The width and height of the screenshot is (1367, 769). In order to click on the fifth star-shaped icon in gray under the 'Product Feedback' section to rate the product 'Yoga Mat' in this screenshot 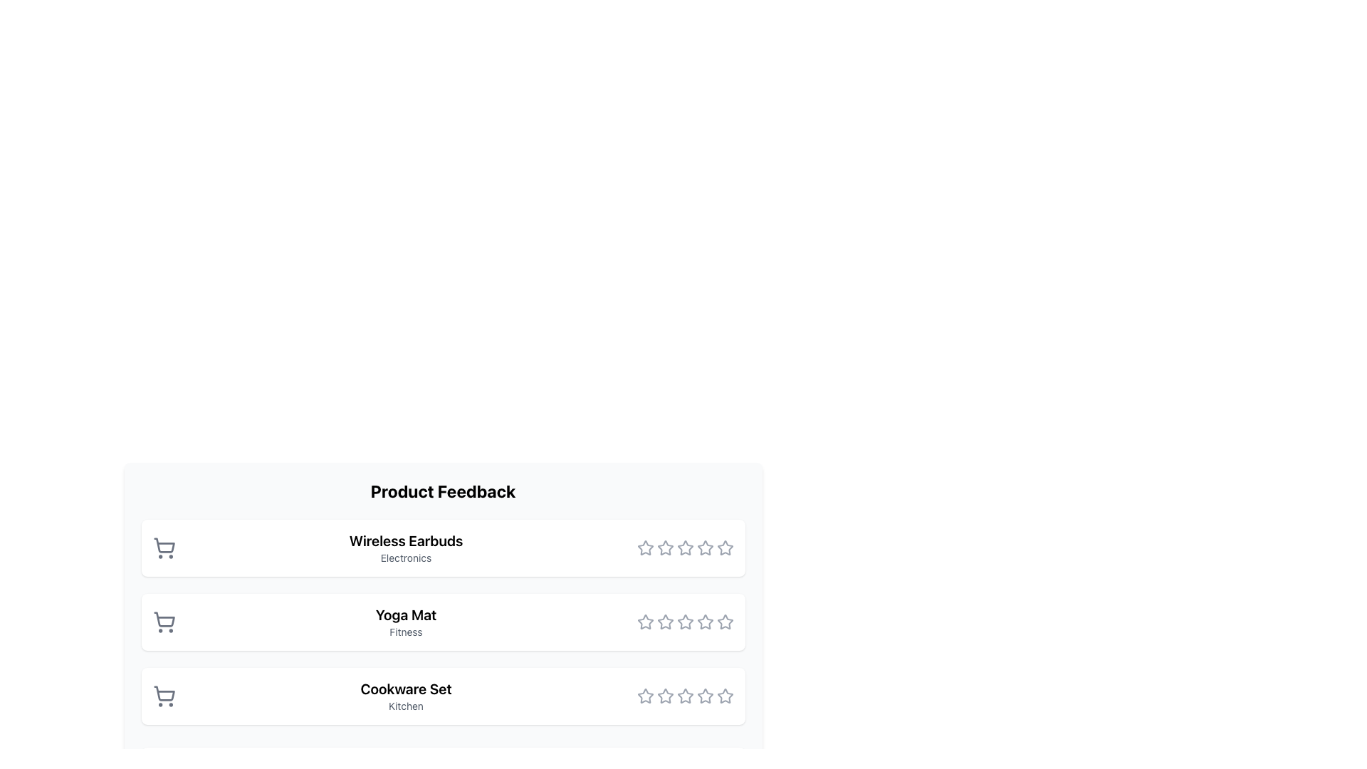, I will do `click(725, 622)`.